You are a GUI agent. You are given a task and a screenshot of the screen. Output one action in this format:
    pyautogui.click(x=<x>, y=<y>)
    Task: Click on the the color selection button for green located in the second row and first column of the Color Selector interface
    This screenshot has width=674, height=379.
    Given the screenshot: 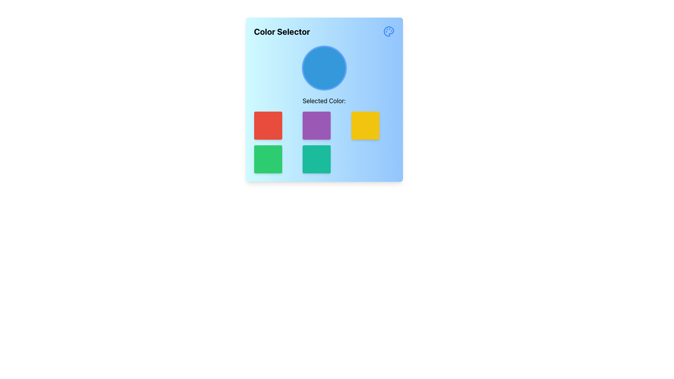 What is the action you would take?
    pyautogui.click(x=267, y=159)
    